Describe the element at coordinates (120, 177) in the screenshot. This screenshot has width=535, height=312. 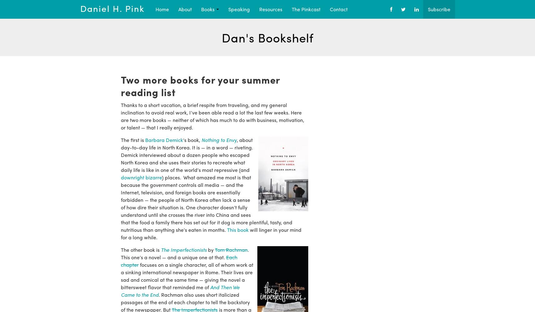
I see `'downright bizarre'` at that location.